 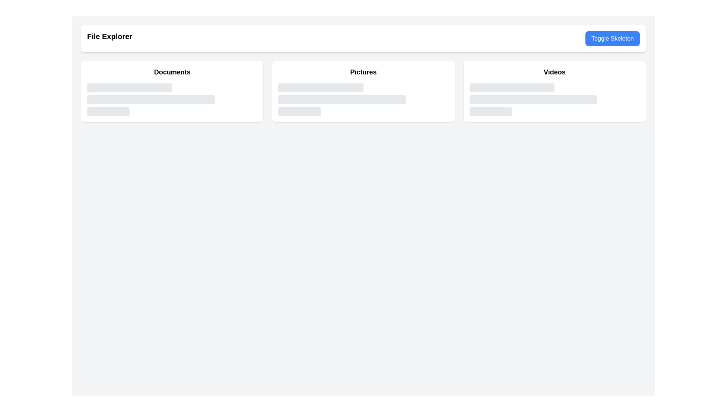 I want to click on the Skeleton loader consisting of three vertically stacked rectangular placeholders with rounded corners, located under the 'Documents' title in the leftmost card section, so click(x=172, y=99).